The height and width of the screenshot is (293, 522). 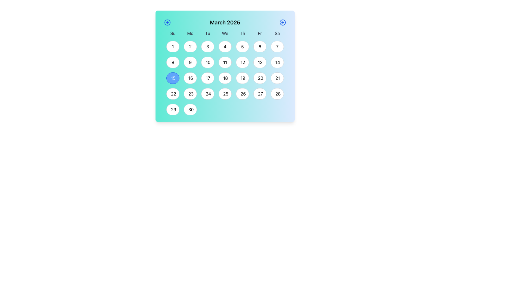 I want to click on the circular blue button with the text '15', which is highlighted as an active date in the calendar layout, so click(x=172, y=78).